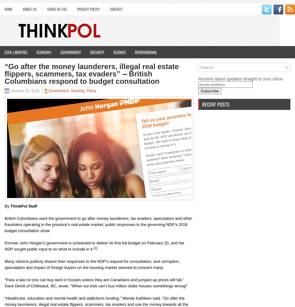  What do you see at coordinates (25, 91) in the screenshot?
I see `'January 20, 2018'` at bounding box center [25, 91].